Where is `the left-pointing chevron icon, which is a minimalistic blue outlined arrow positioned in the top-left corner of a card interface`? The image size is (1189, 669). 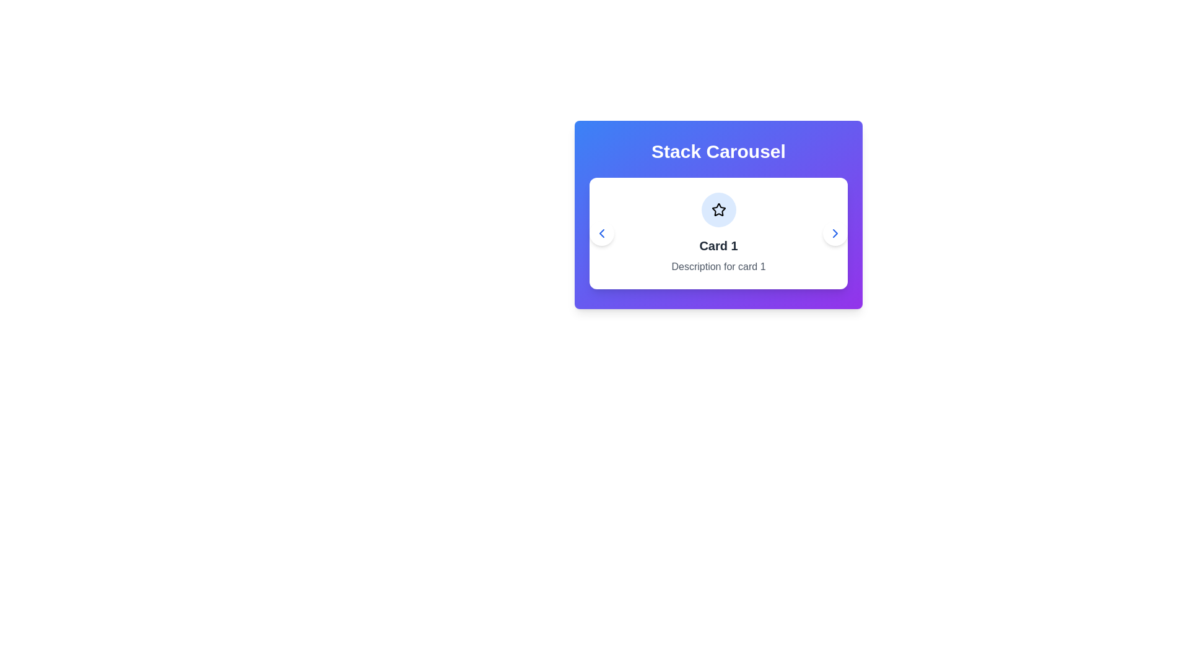
the left-pointing chevron icon, which is a minimalistic blue outlined arrow positioned in the top-left corner of a card interface is located at coordinates (601, 234).